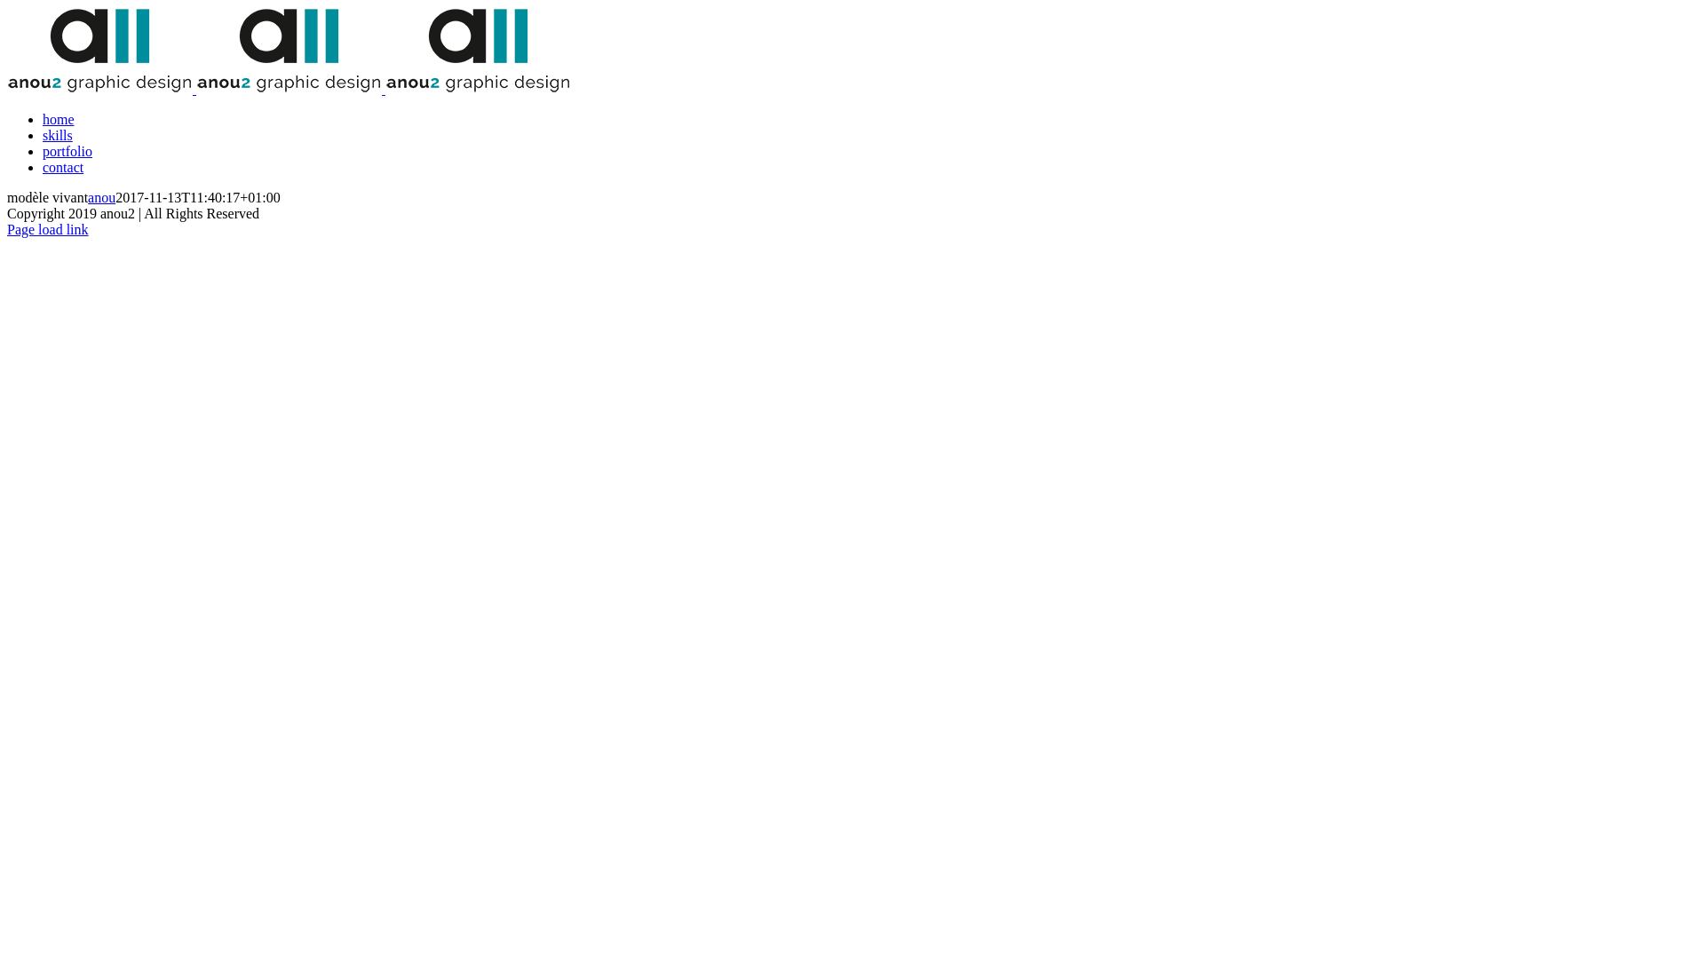  Describe the element at coordinates (63, 167) in the screenshot. I see `'contact'` at that location.